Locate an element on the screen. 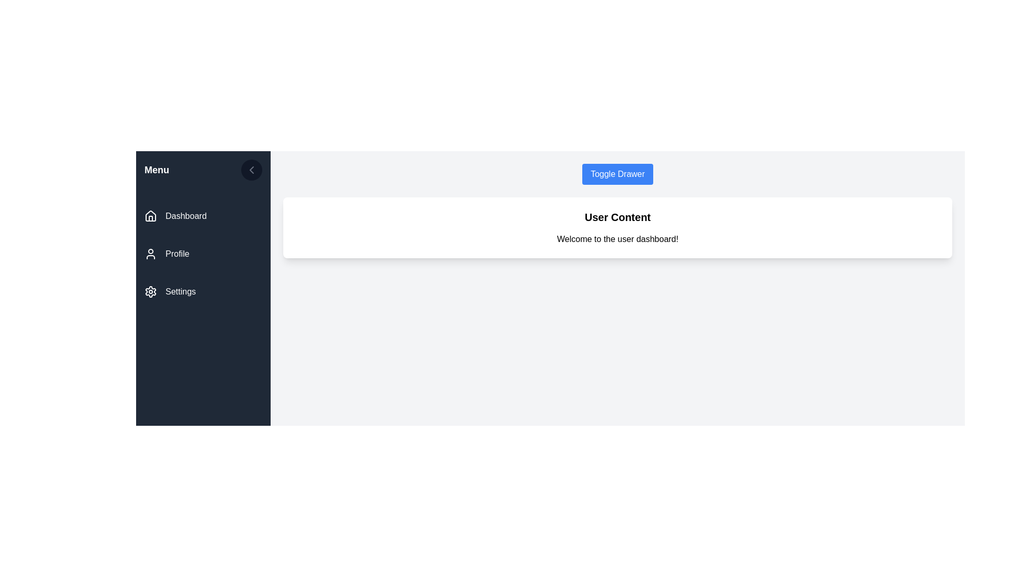 The height and width of the screenshot is (567, 1009). the text label for the profile-related section in the vertical navigation menu, located between 'Dashboard' and 'Settings' is located at coordinates (177, 254).